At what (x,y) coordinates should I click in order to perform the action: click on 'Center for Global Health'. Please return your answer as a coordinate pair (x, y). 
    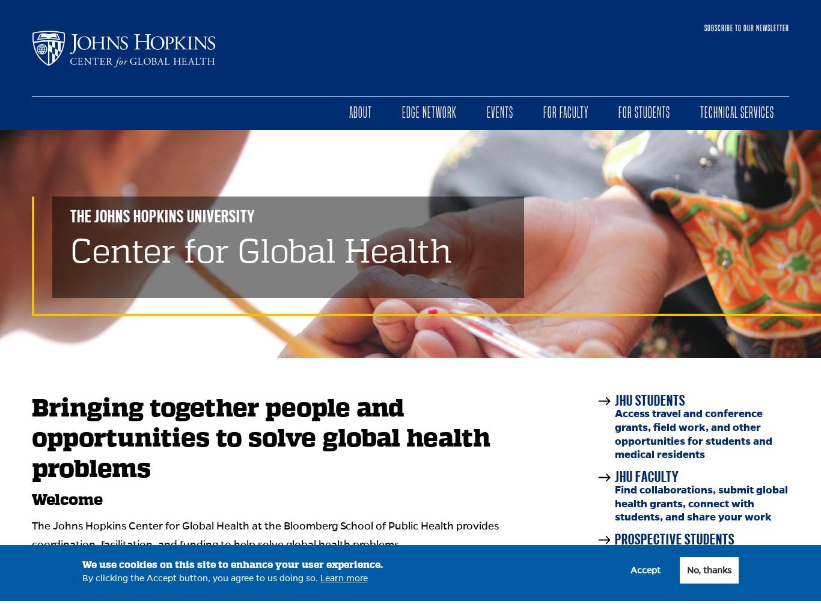
    Looking at the image, I should click on (70, 252).